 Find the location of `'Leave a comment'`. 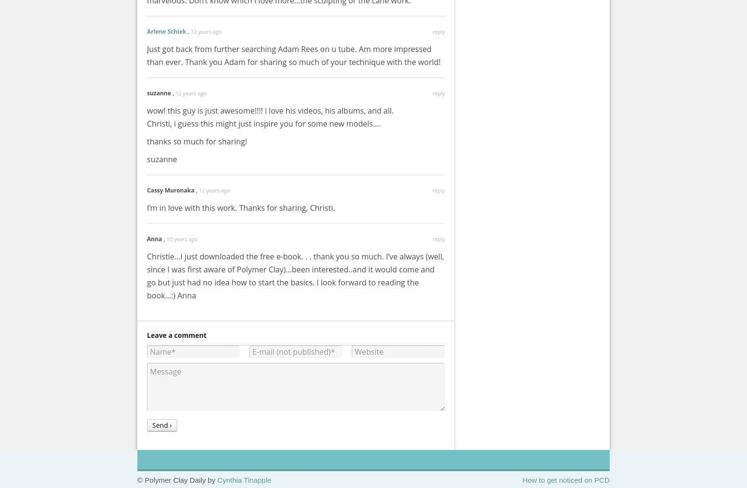

'Leave a comment' is located at coordinates (176, 334).